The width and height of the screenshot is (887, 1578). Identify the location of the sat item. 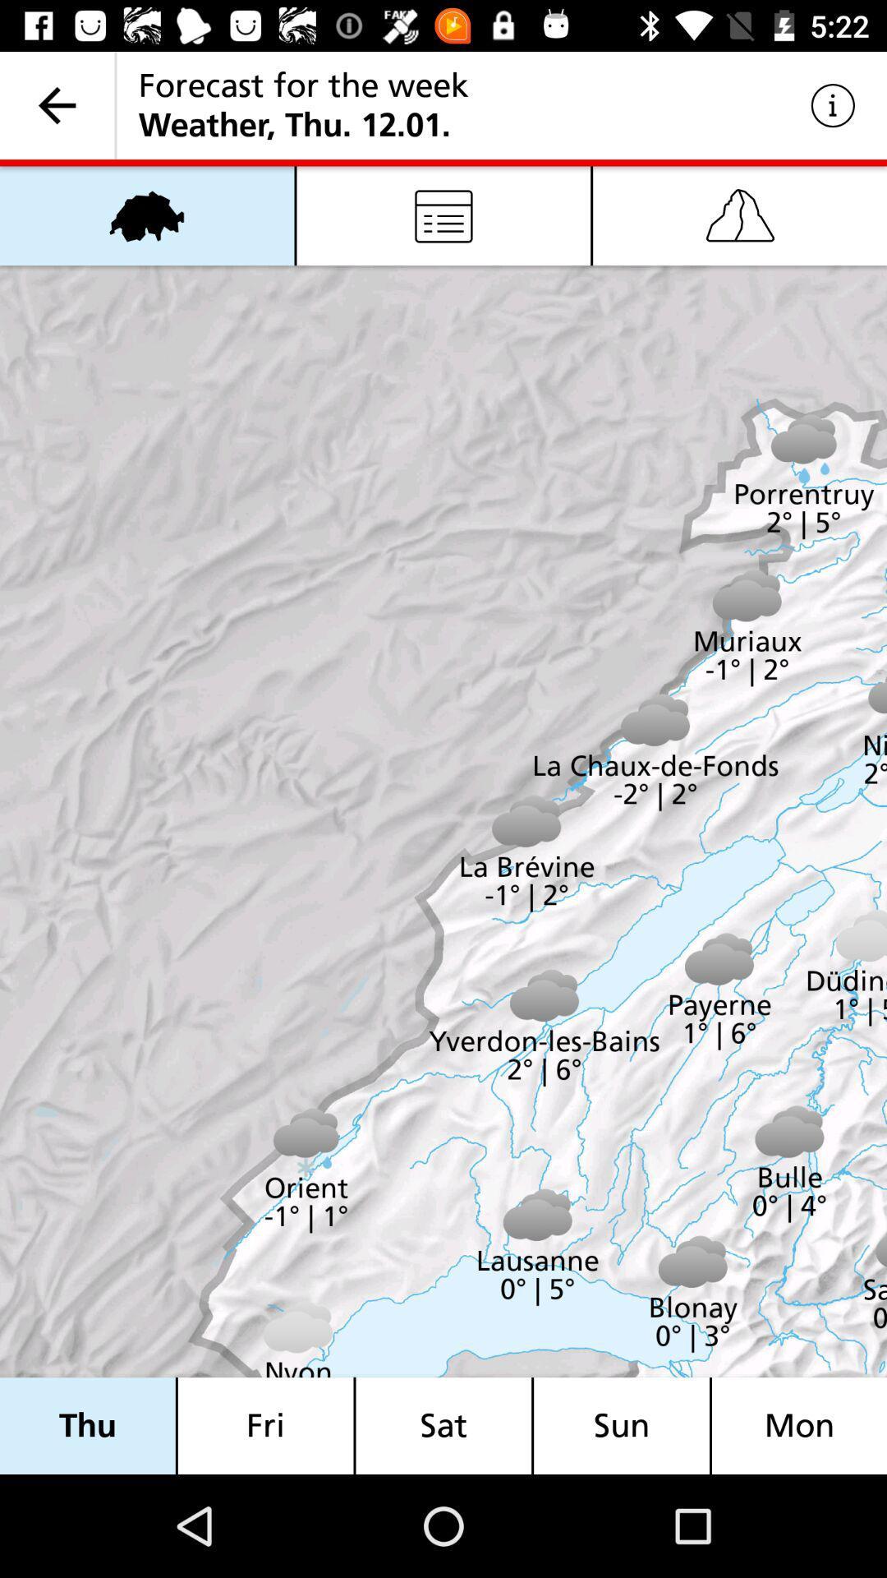
(443, 1425).